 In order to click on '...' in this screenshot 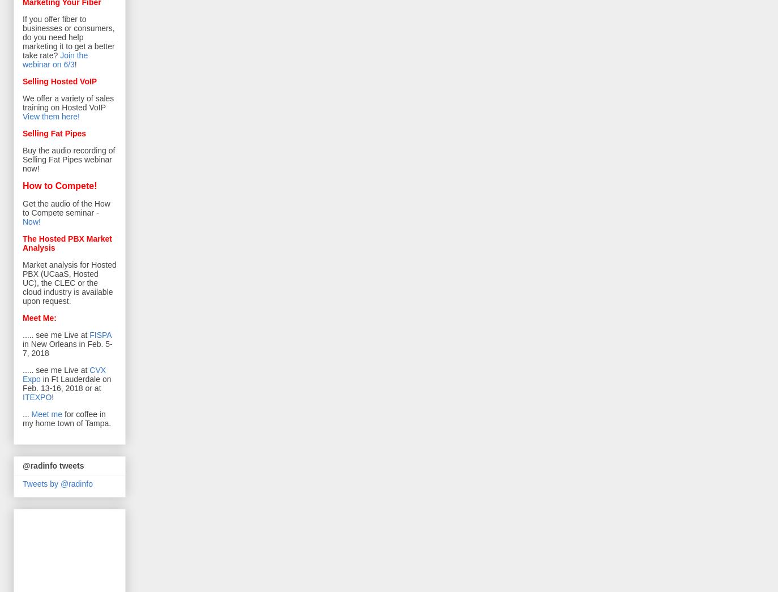, I will do `click(22, 414)`.